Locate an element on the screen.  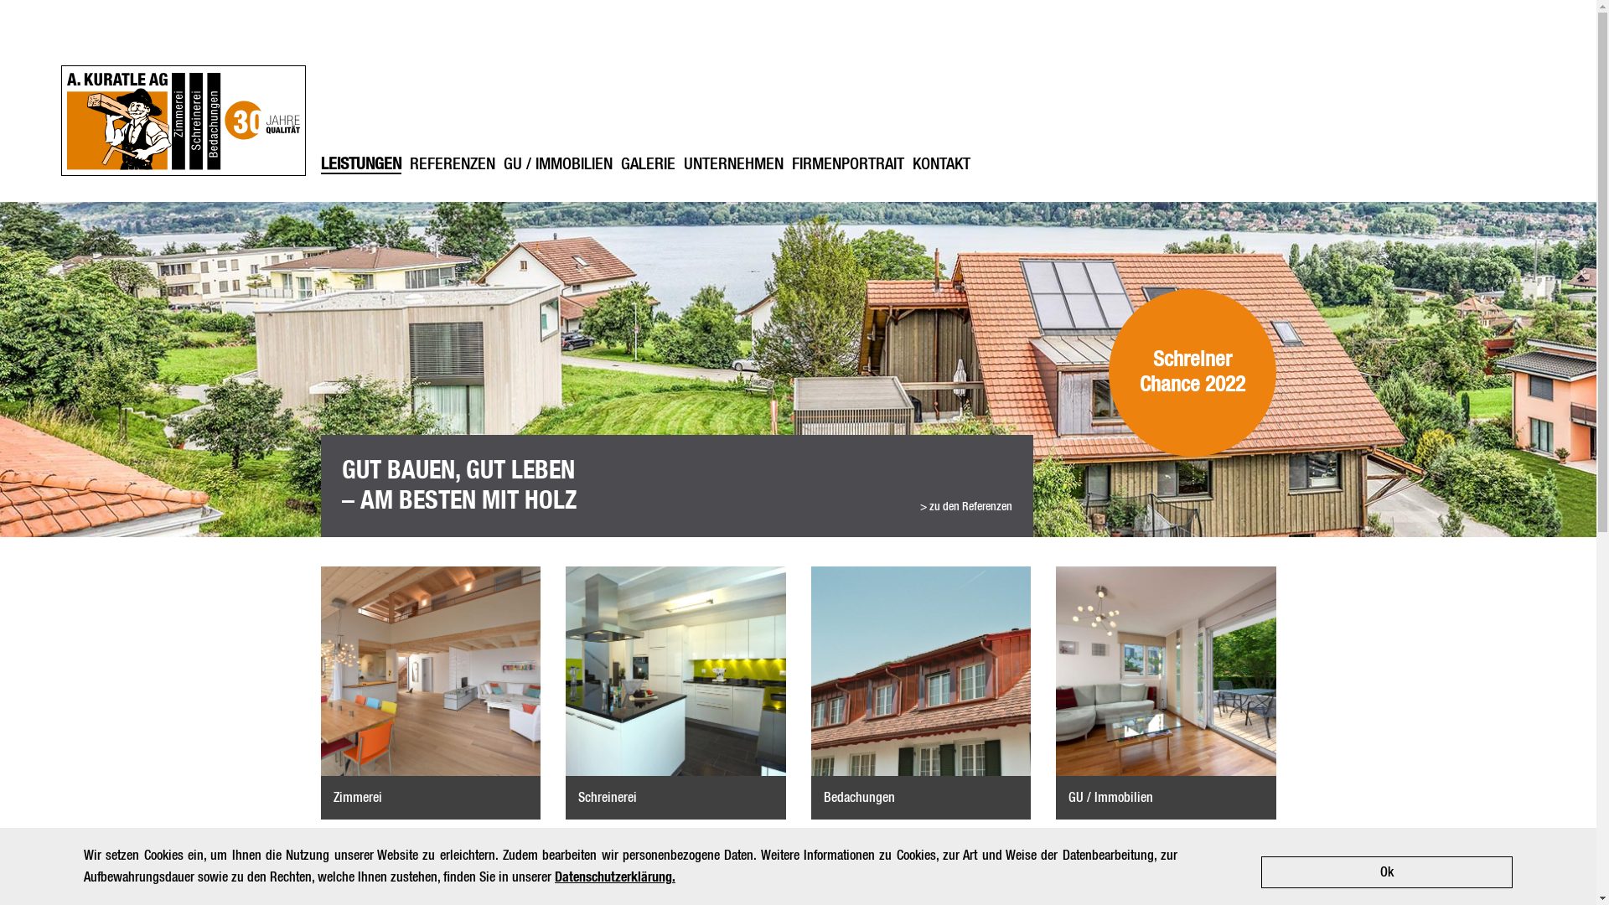
'Schreinerei' is located at coordinates (675, 692).